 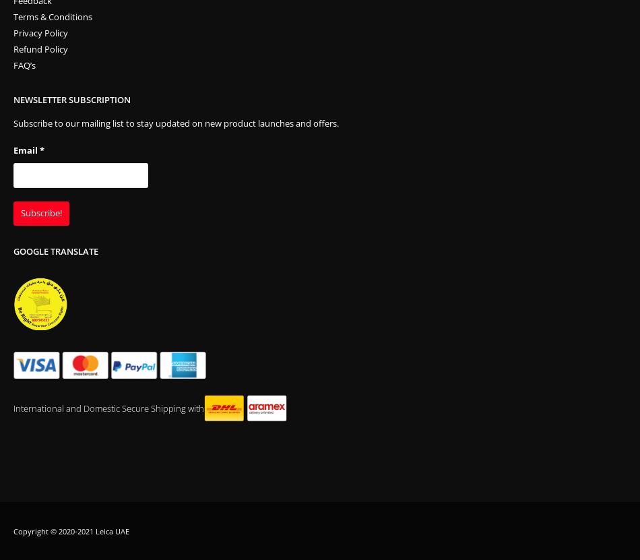 What do you see at coordinates (42, 150) in the screenshot?
I see `'*'` at bounding box center [42, 150].